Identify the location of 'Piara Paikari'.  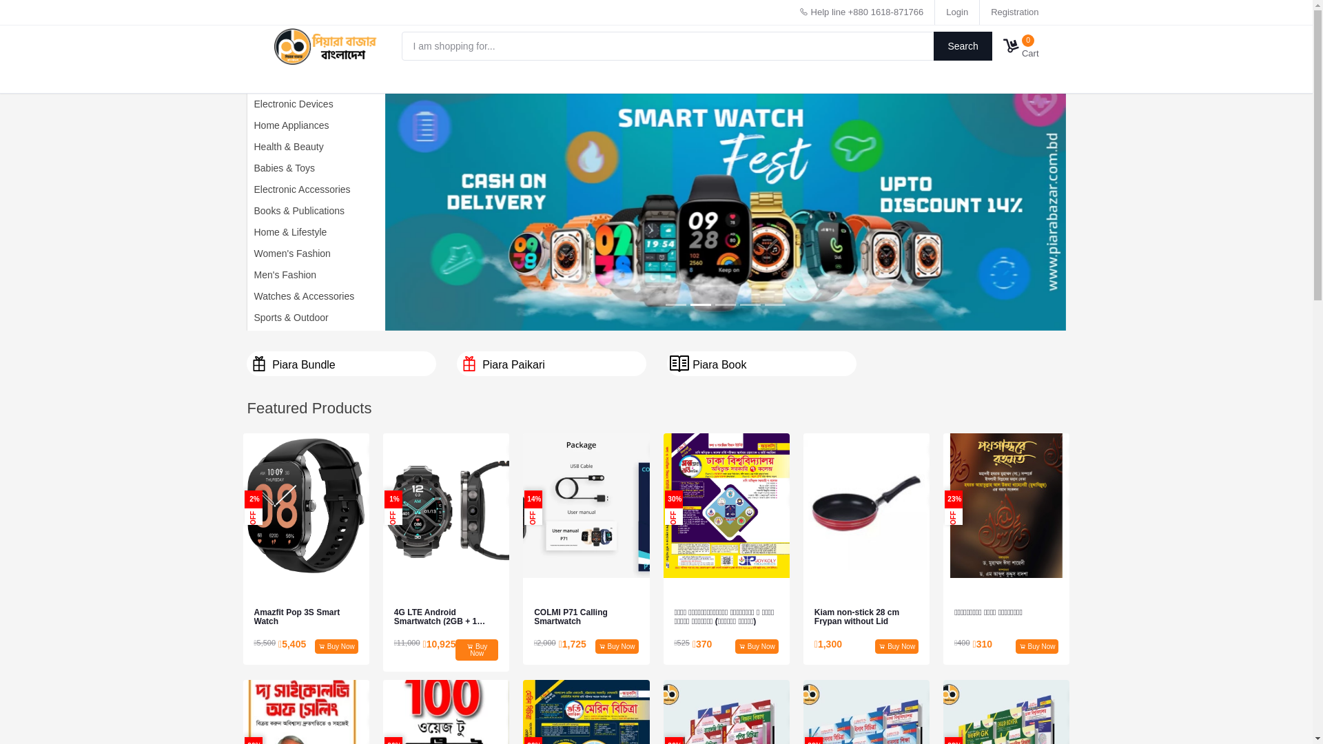
(550, 363).